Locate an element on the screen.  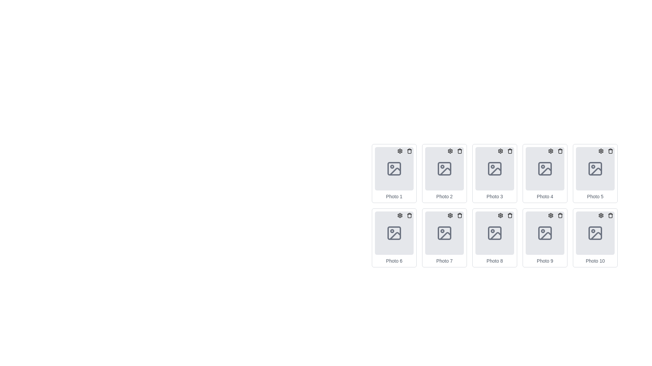
the image icon with a square frame and rounded corners located in the second column of the second row, which features a small circle on the top left and a slanted line intersecting another shape inside is located at coordinates (394, 232).